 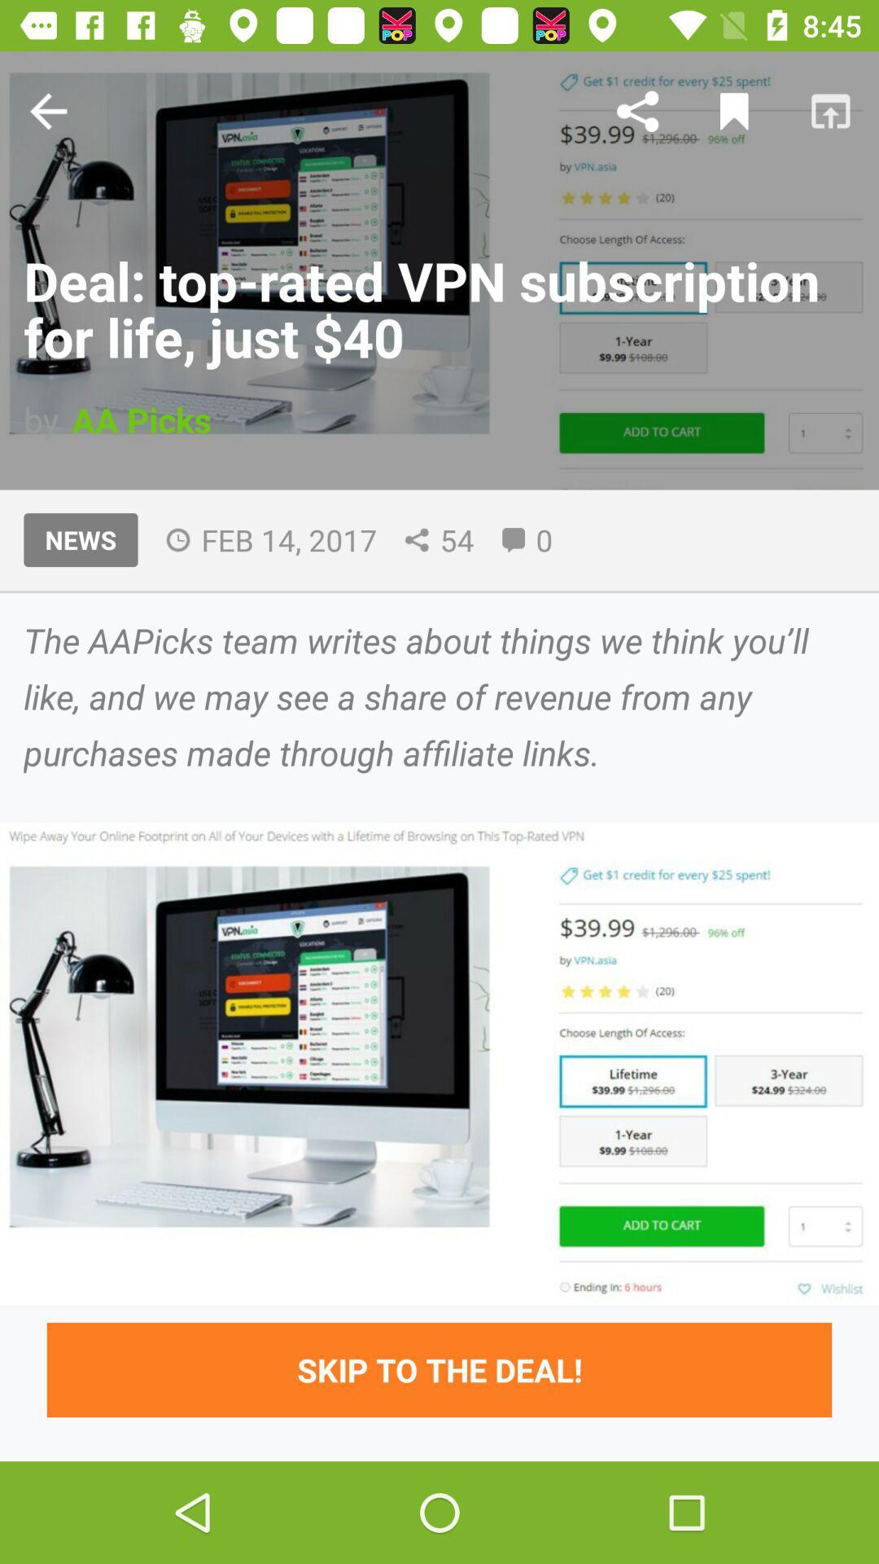 I want to click on the bookmark icon, so click(x=734, y=110).